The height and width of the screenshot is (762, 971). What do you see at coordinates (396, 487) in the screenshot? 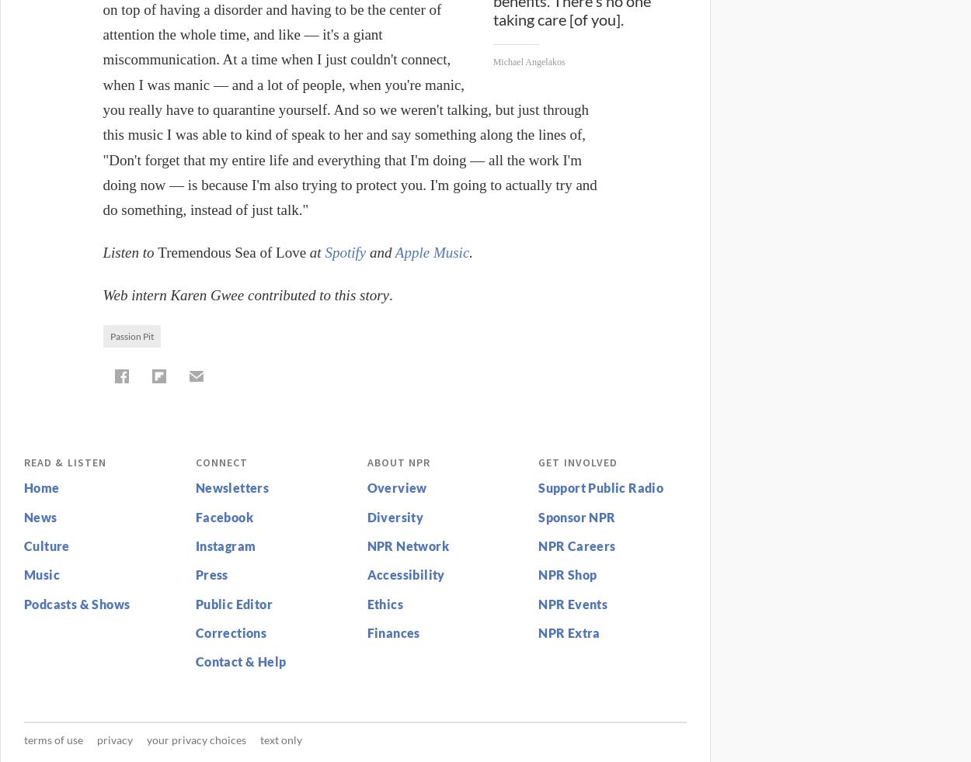
I see `'Overview'` at bounding box center [396, 487].